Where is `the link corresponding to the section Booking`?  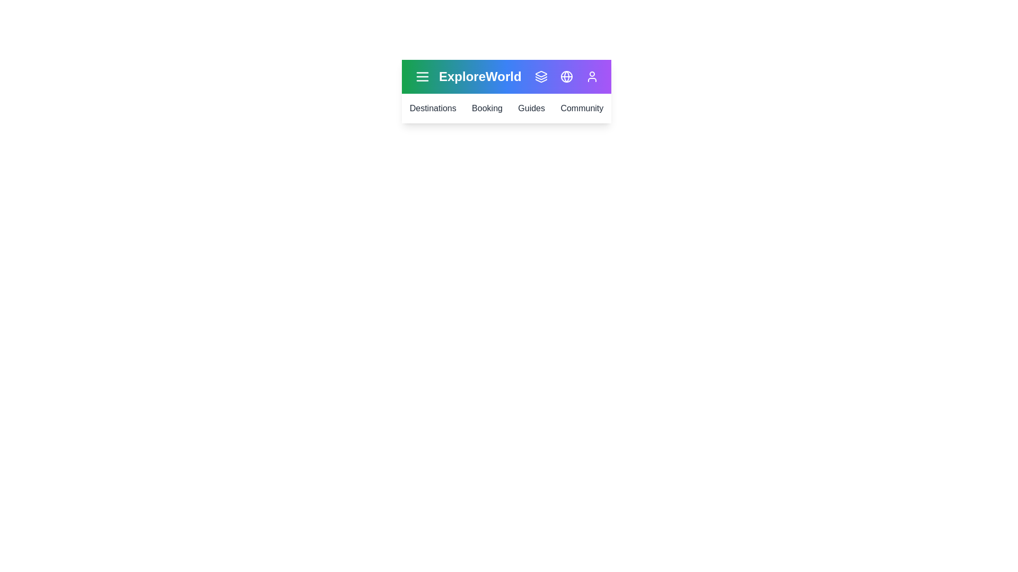
the link corresponding to the section Booking is located at coordinates (487, 108).